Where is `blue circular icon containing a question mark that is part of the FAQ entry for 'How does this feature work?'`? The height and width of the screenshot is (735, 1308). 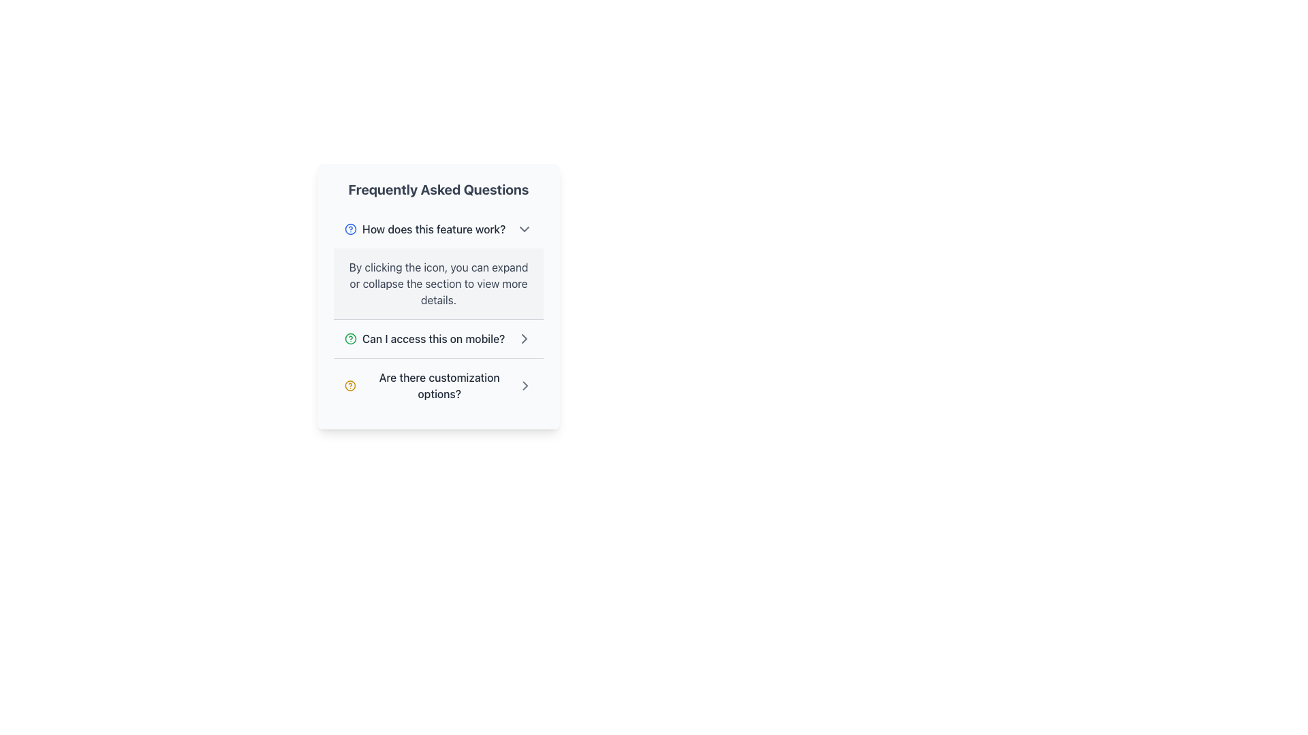
blue circular icon containing a question mark that is part of the FAQ entry for 'How does this feature work?' is located at coordinates (350, 228).